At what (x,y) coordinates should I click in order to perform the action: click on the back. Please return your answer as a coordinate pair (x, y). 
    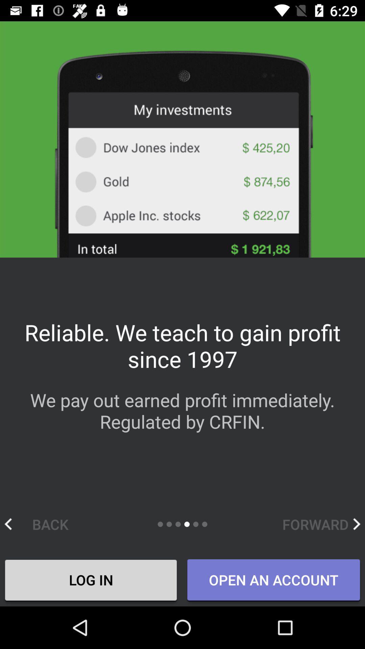
    Looking at the image, I should click on (43, 524).